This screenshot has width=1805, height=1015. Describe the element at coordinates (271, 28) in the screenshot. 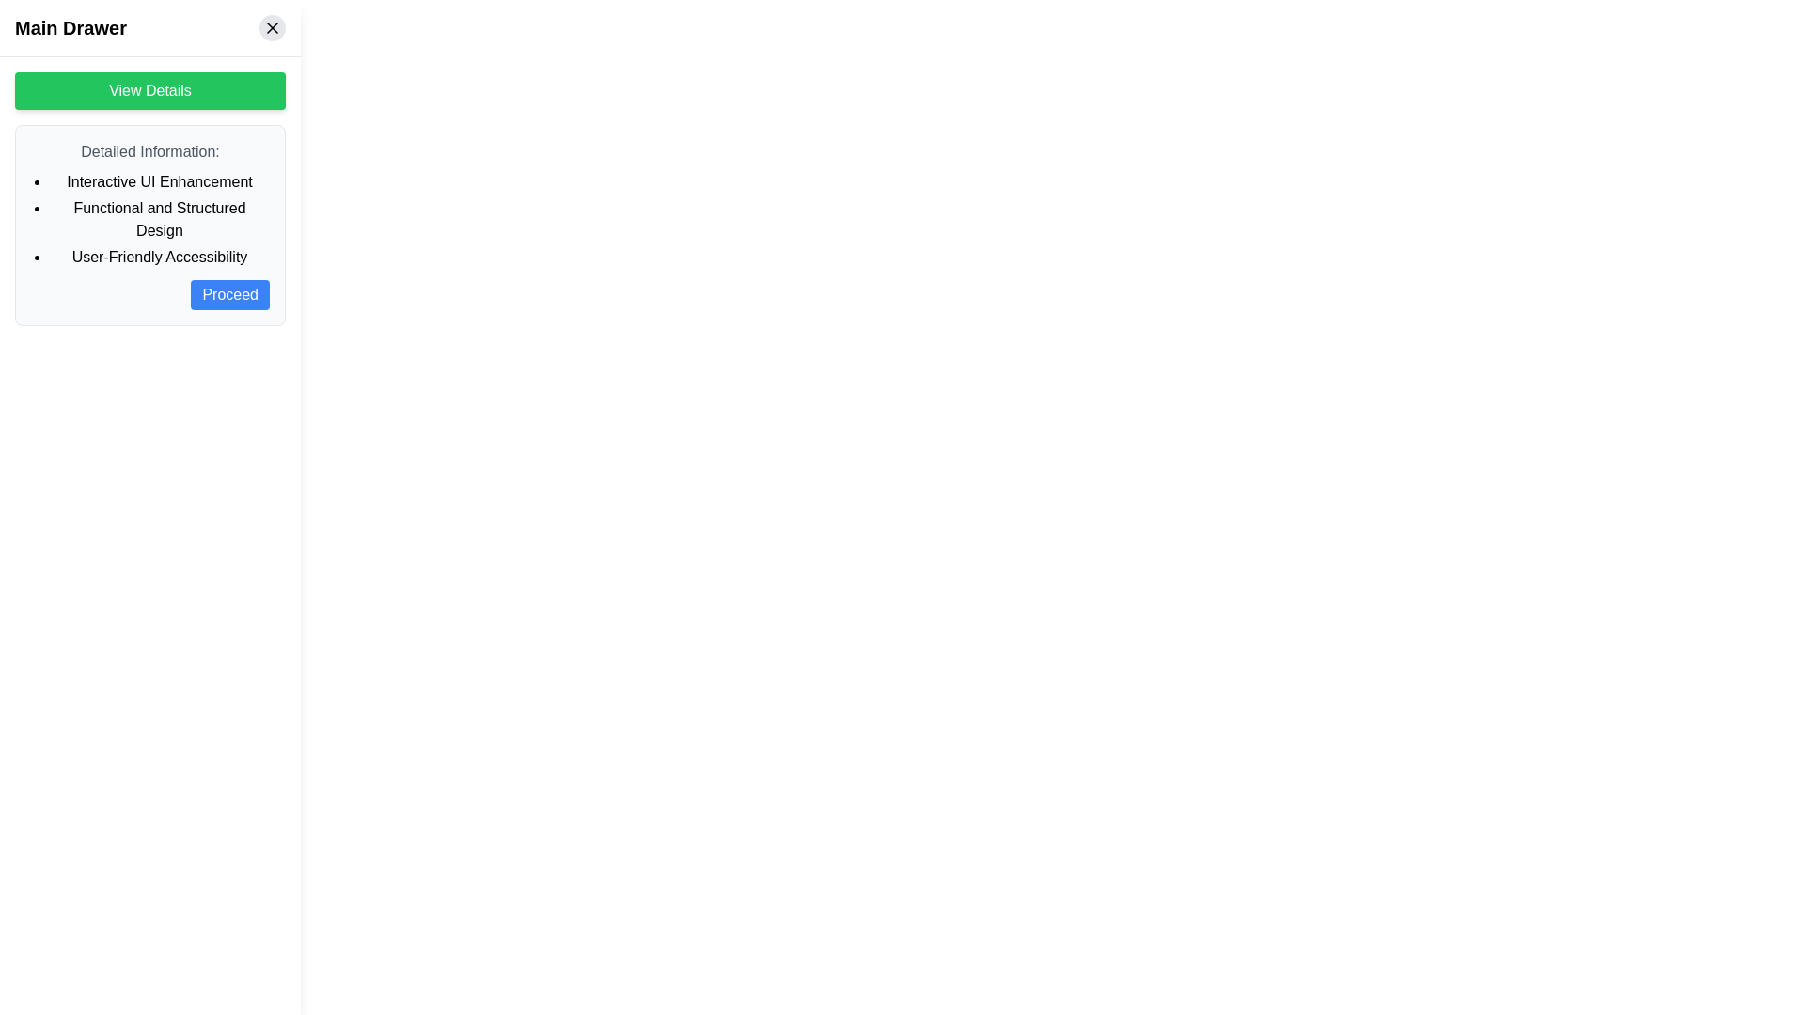

I see `the close SVG icon located at the top-right corner of the interface` at that location.